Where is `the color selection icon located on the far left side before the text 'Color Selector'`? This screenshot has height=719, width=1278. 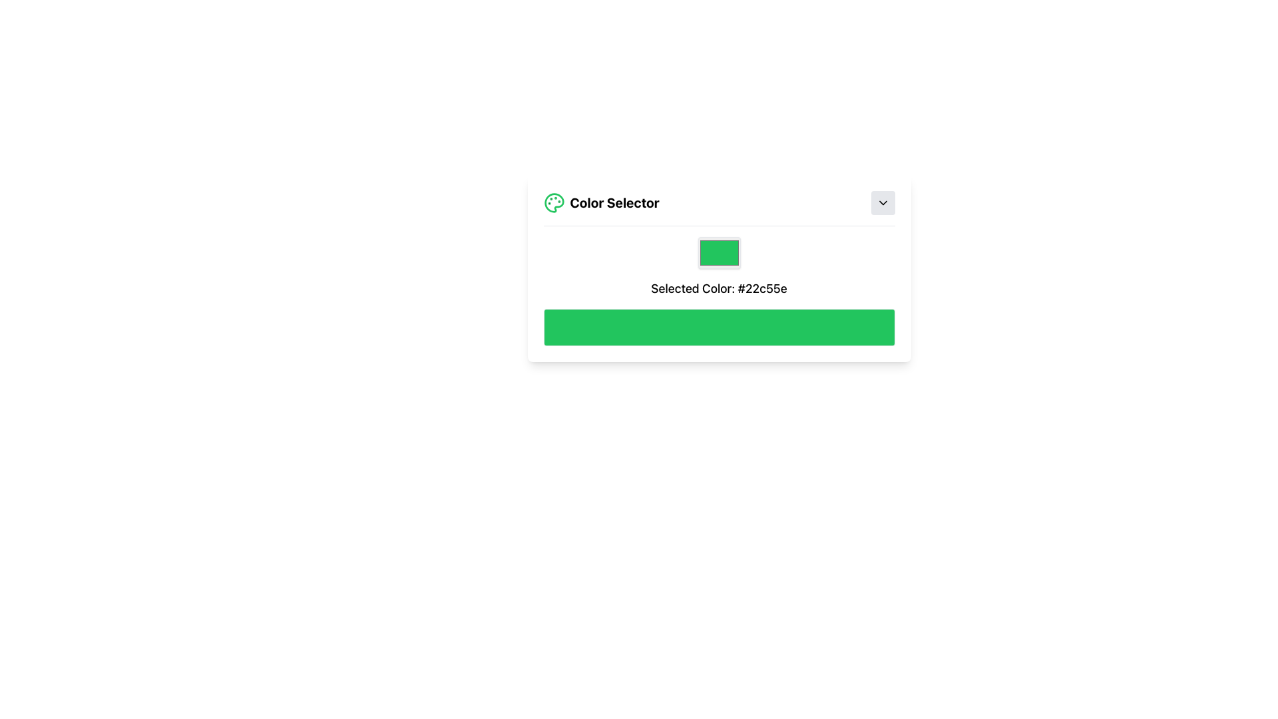
the color selection icon located on the far left side before the text 'Color Selector' is located at coordinates (554, 202).